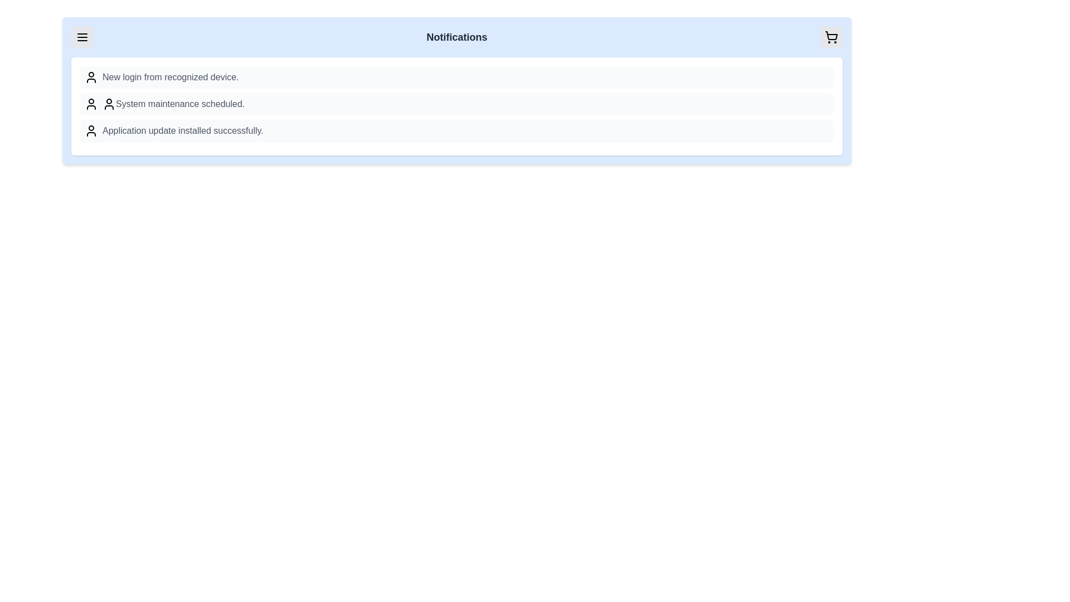  I want to click on the user-related notification icon located to the left of the text 'System maintenance scheduled' in the notification block, so click(91, 104).